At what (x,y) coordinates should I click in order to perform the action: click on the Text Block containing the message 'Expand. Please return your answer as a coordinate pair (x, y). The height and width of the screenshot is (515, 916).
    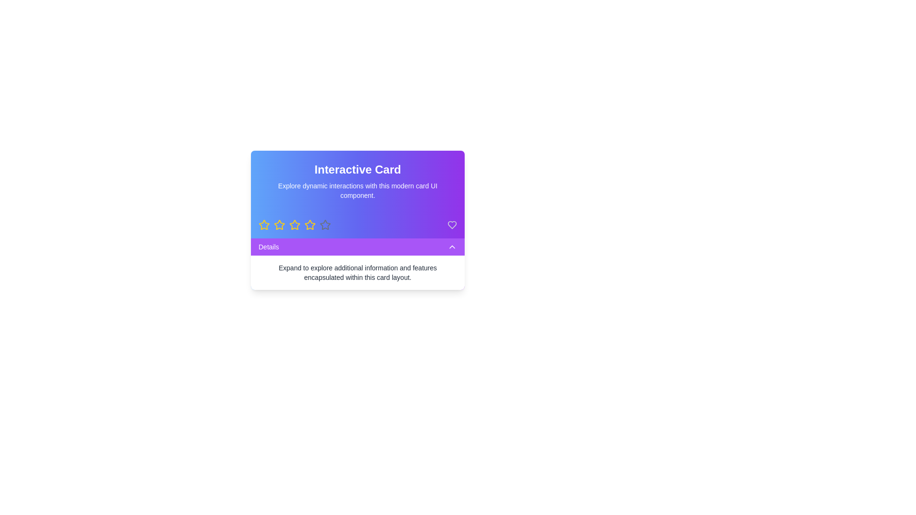
    Looking at the image, I should click on (357, 272).